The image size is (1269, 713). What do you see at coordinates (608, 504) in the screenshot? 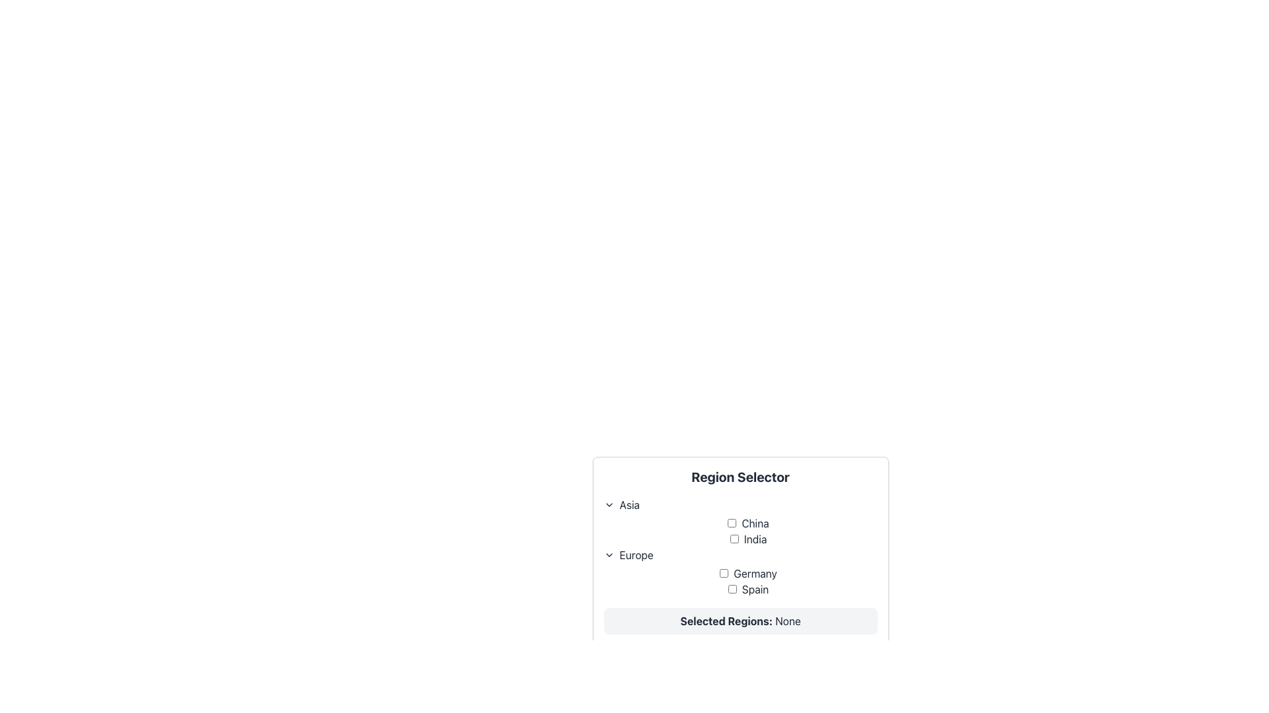
I see `the dropdown toggle icon located to the far left of the 'Asia' text` at bounding box center [608, 504].